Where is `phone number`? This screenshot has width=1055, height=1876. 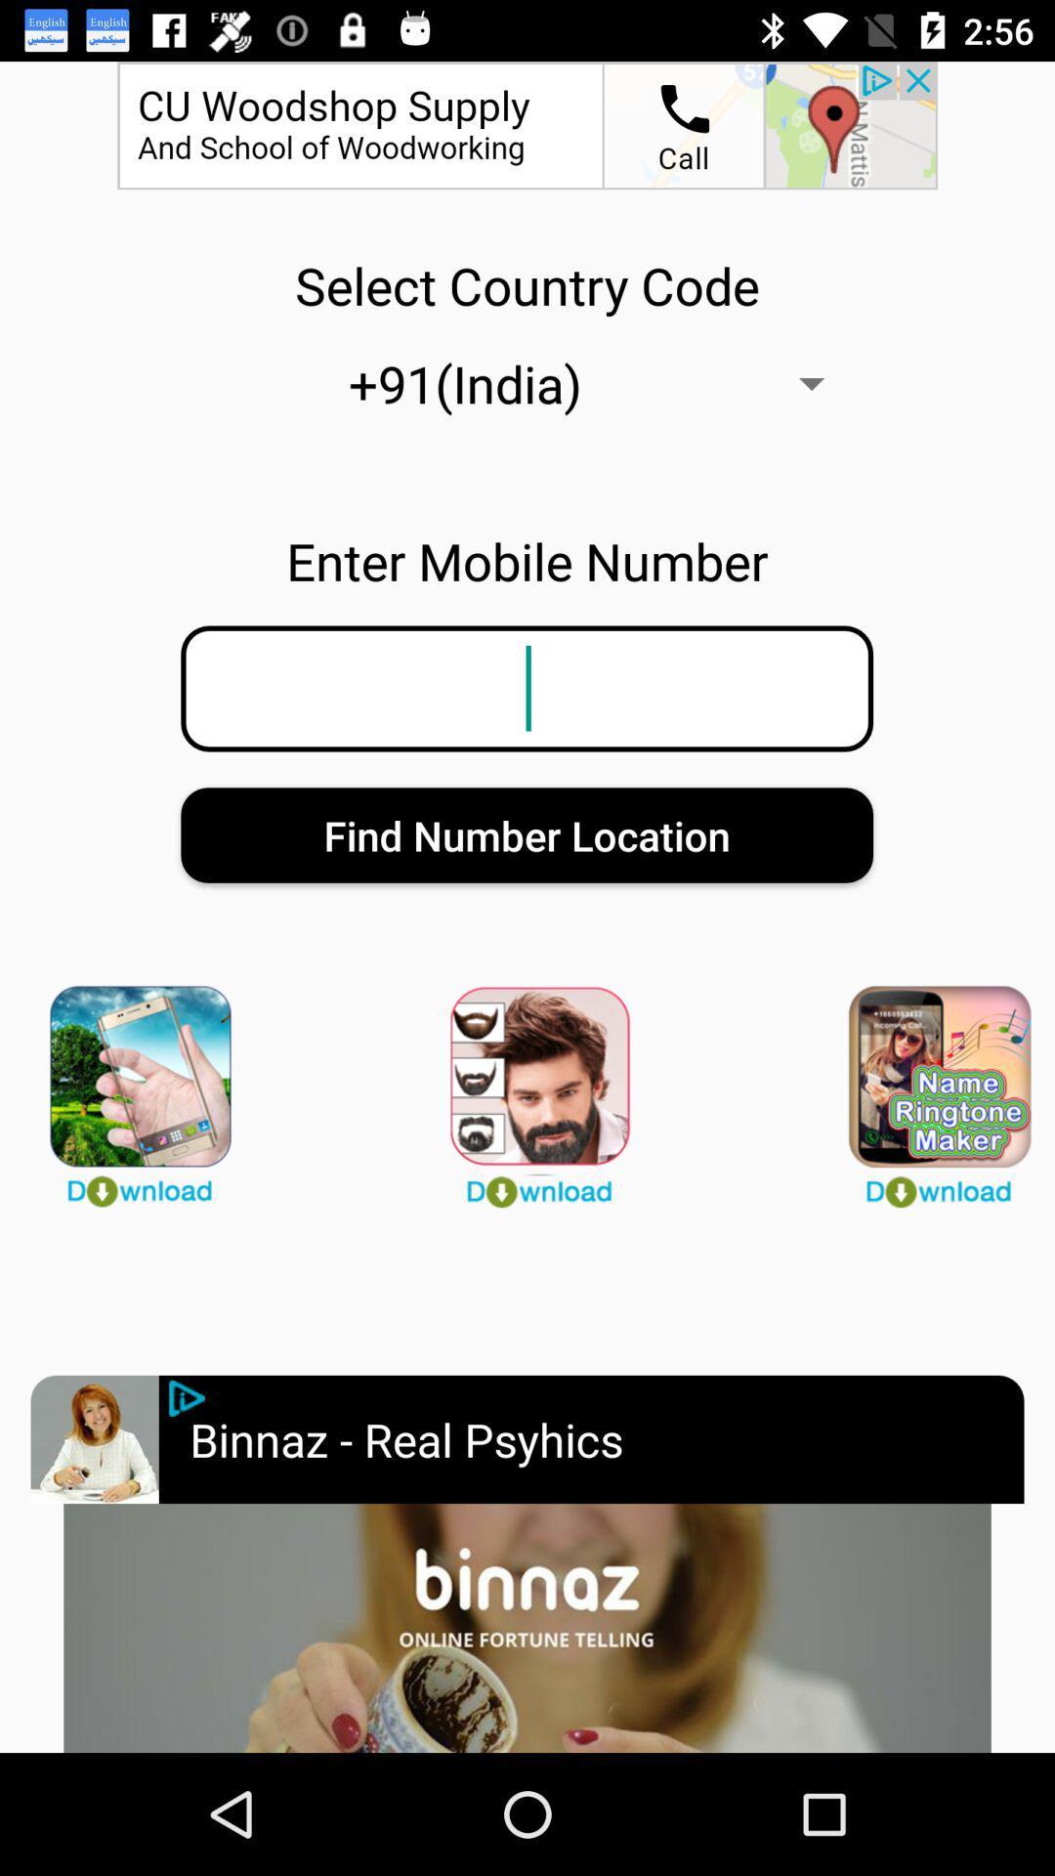 phone number is located at coordinates (526, 689).